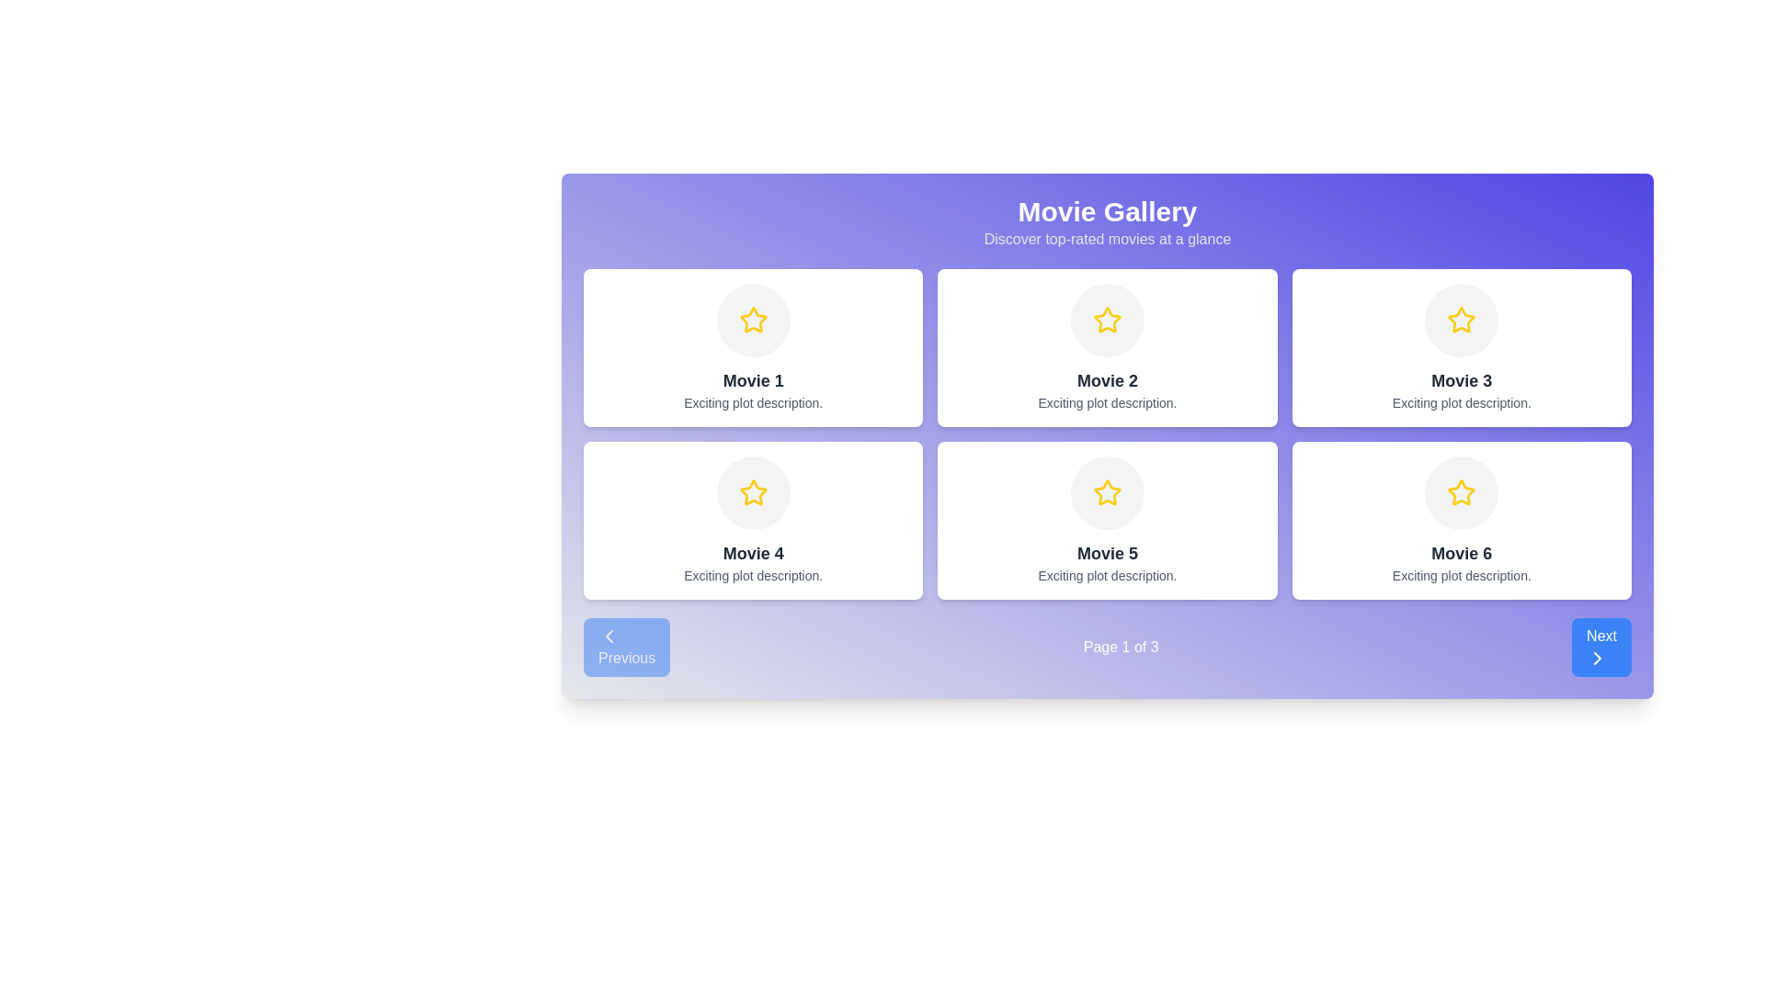 This screenshot has width=1765, height=992. What do you see at coordinates (1106, 491) in the screenshot?
I see `the star icon in the 'Movie 5' card, located in the second row and second column of the grid layout` at bounding box center [1106, 491].